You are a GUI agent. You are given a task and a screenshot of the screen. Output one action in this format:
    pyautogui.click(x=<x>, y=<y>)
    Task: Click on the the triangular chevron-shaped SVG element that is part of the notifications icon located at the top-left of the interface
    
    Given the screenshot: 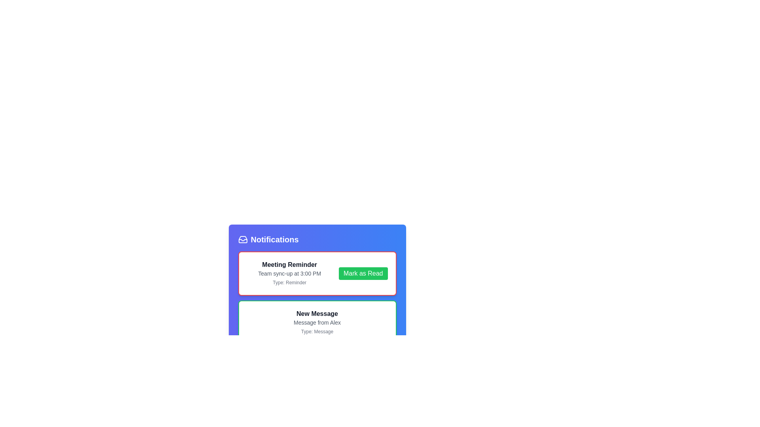 What is the action you would take?
    pyautogui.click(x=242, y=240)
    